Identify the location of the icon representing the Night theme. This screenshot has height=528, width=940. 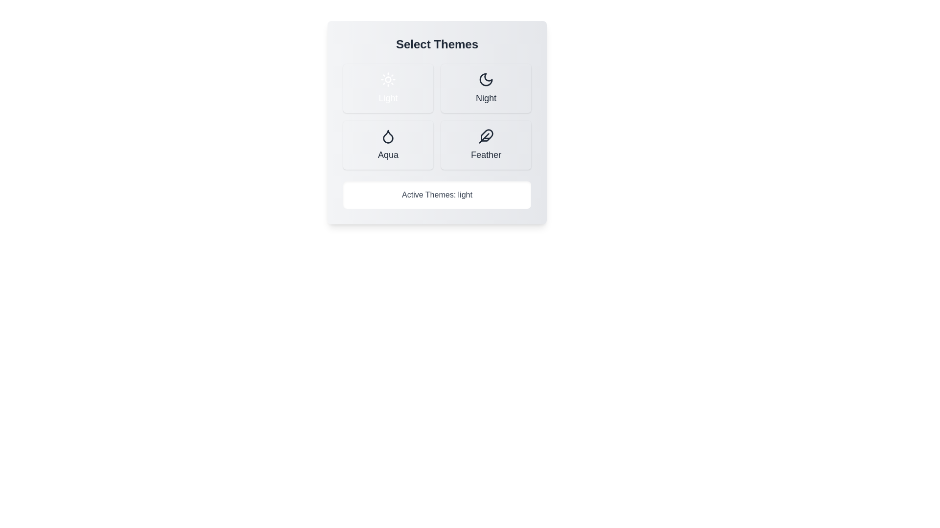
(486, 79).